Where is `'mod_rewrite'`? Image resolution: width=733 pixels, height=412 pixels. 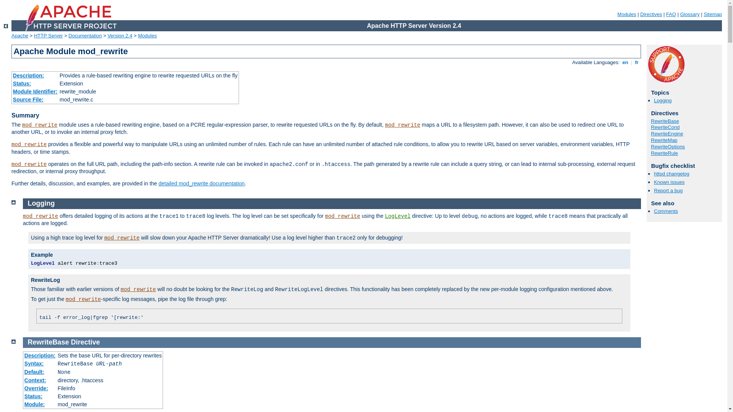
'mod_rewrite' is located at coordinates (385, 124).